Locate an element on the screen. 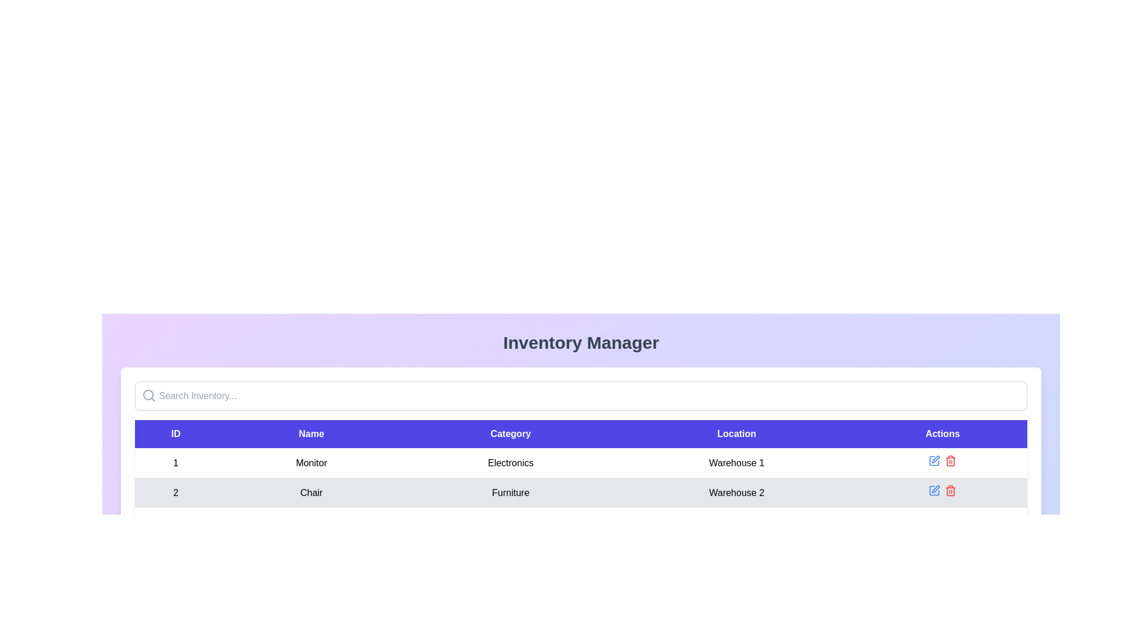 Image resolution: width=1122 pixels, height=631 pixels. the delete button located in the 'Actions' column of the second row in the table is located at coordinates (951, 491).